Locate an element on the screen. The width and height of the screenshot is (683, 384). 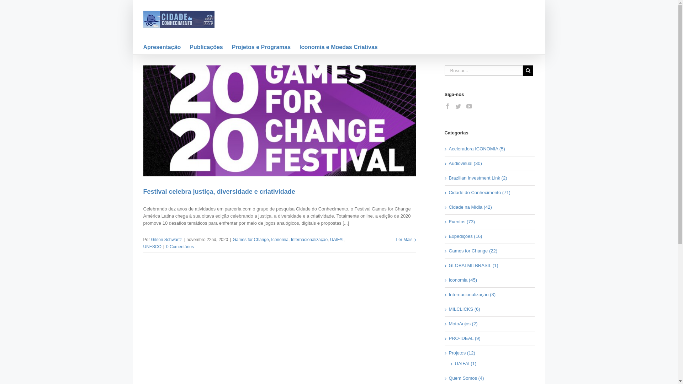
'Cidade do Conhecimento (71)' is located at coordinates (489, 193).